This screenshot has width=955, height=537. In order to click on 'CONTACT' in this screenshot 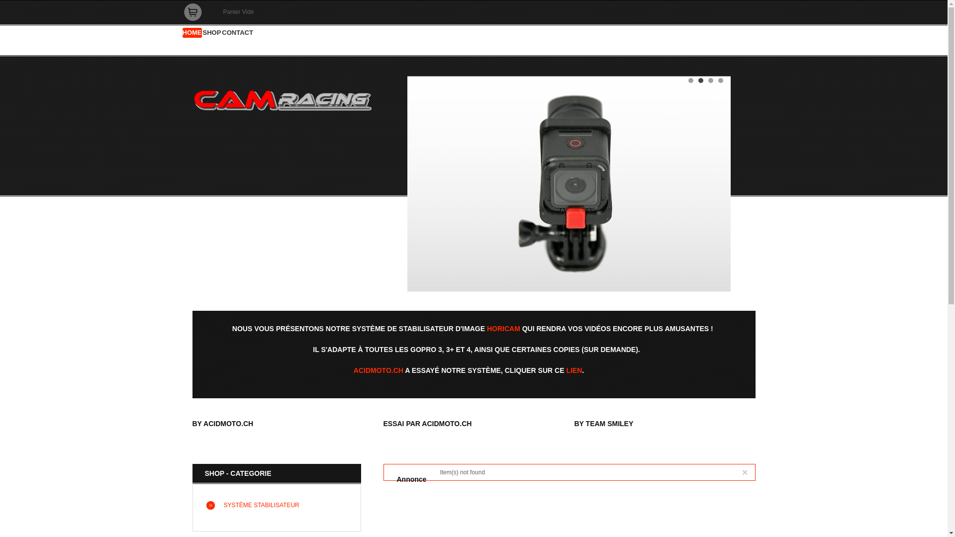, I will do `click(221, 32)`.